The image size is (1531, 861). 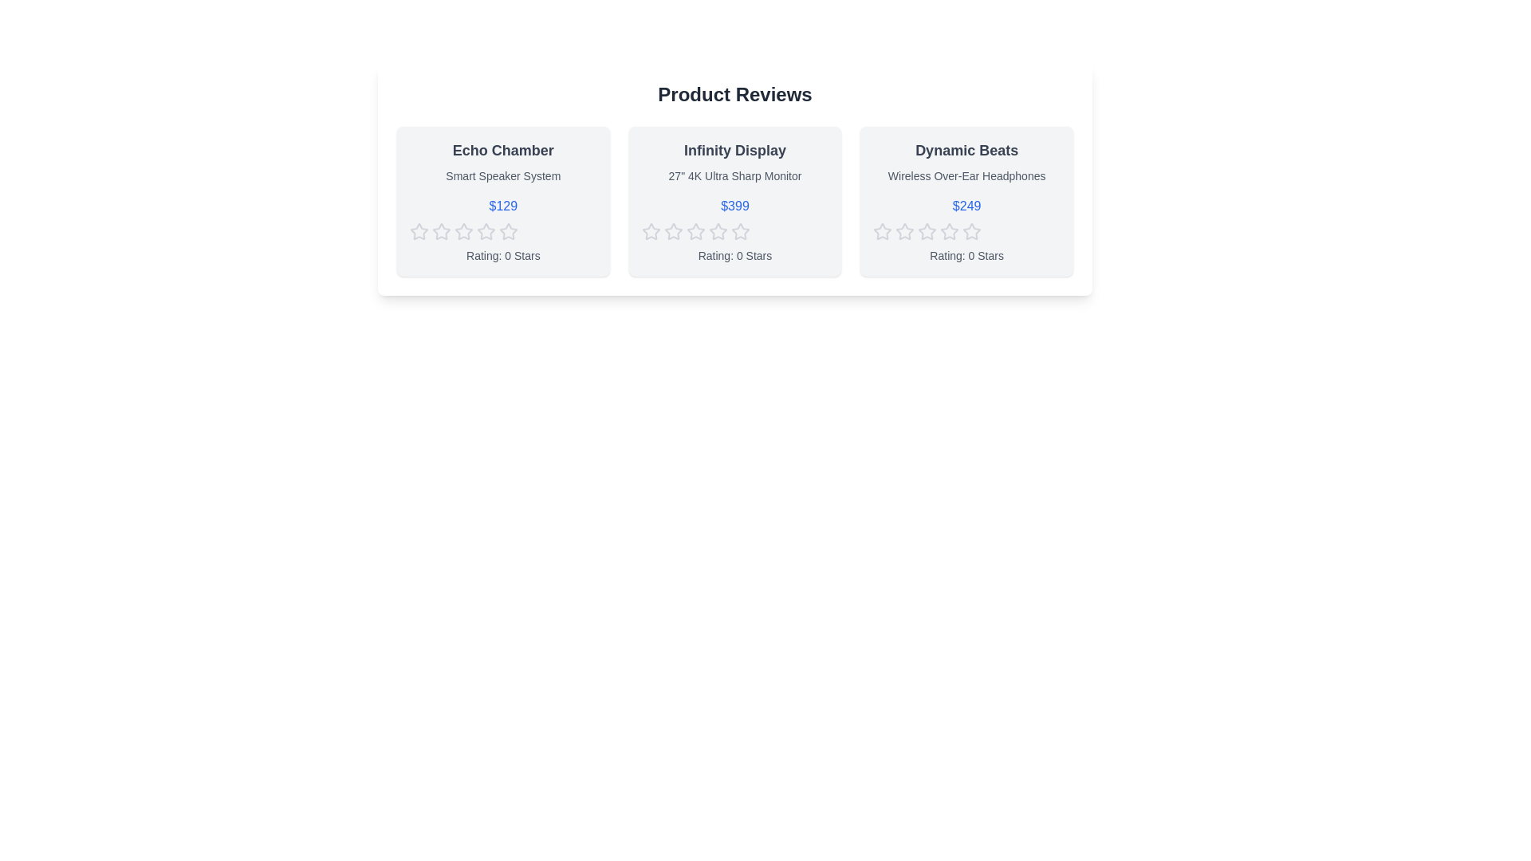 I want to click on the fourth star icon in the horizontal group of five stars used for rating under the product 'Infinity Display', so click(x=717, y=231).